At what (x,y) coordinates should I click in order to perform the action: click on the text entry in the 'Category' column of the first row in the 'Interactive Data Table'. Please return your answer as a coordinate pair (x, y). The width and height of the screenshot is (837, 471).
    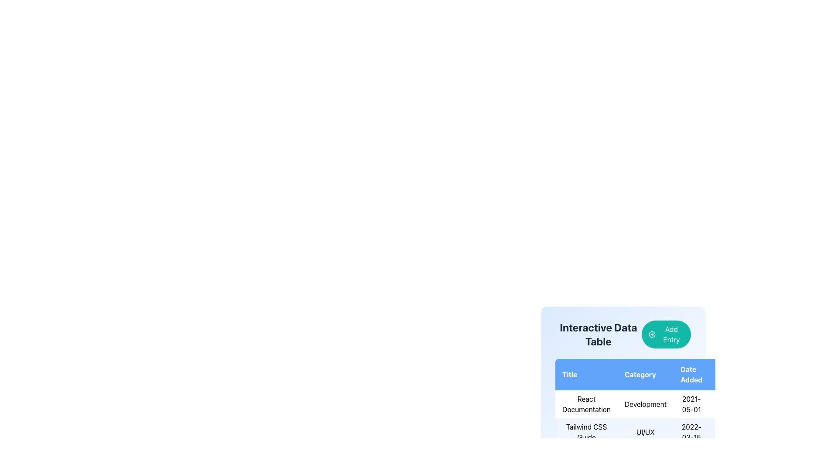
    Looking at the image, I should click on (652, 402).